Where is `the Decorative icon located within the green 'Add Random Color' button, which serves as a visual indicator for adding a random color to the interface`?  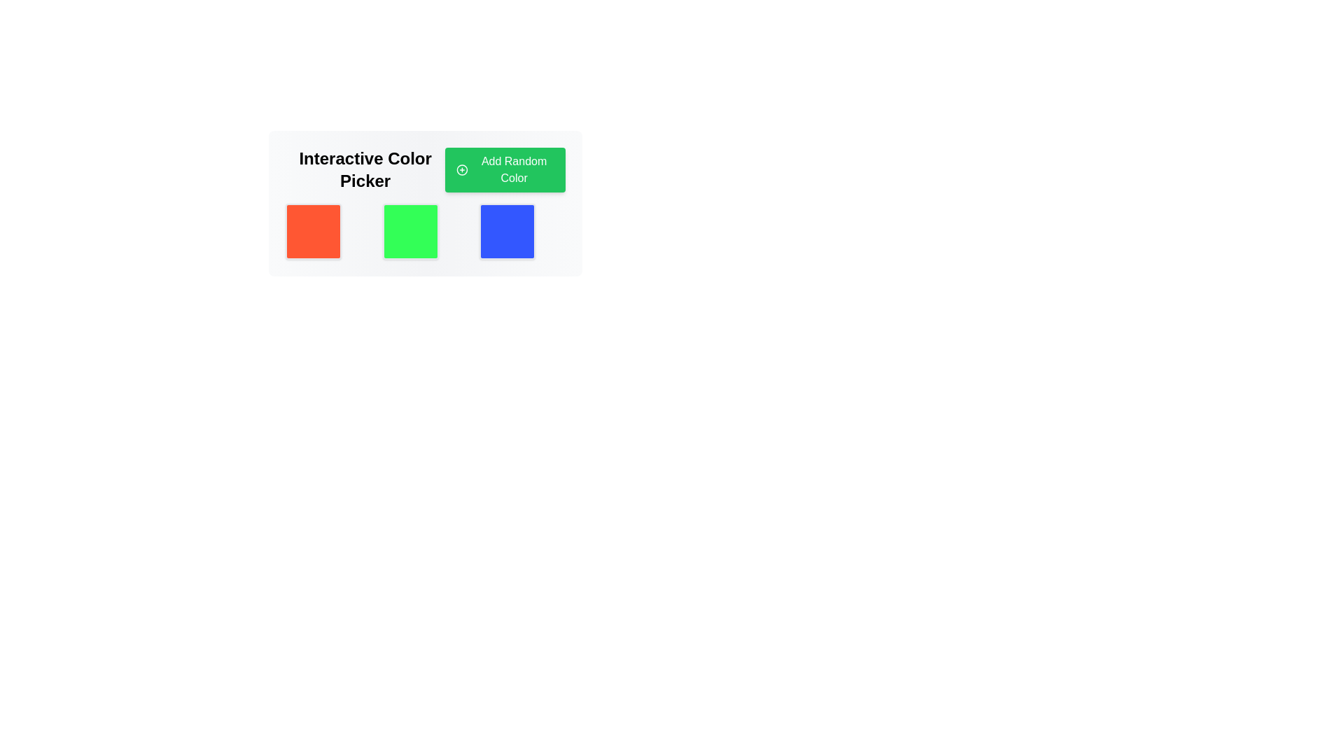 the Decorative icon located within the green 'Add Random Color' button, which serves as a visual indicator for adding a random color to the interface is located at coordinates (462, 169).